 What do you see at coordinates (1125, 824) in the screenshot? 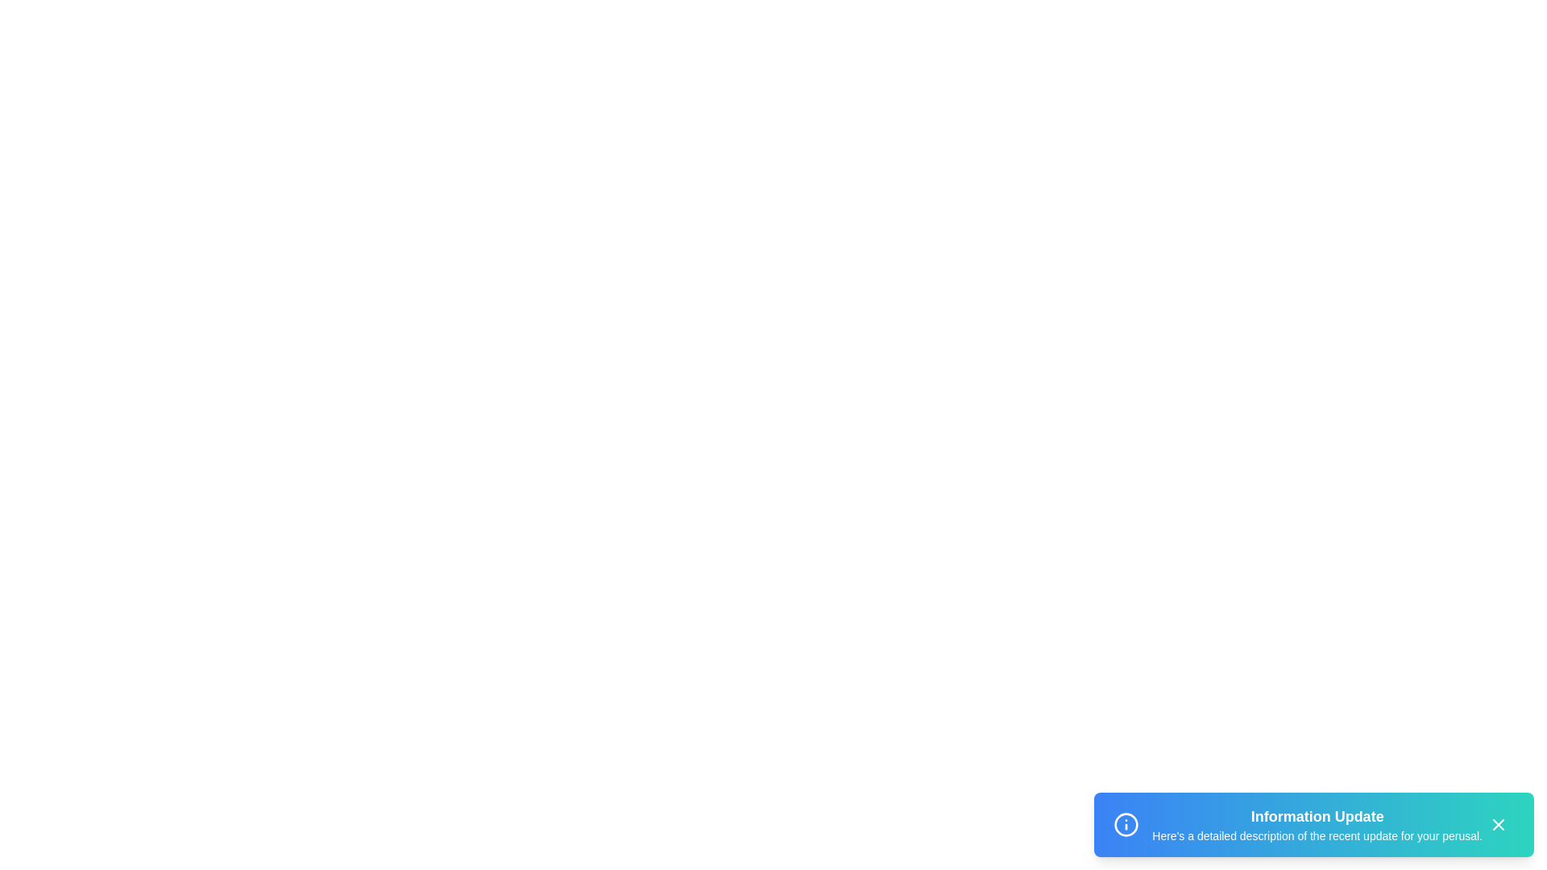
I see `the notification icon in the snackbar` at bounding box center [1125, 824].